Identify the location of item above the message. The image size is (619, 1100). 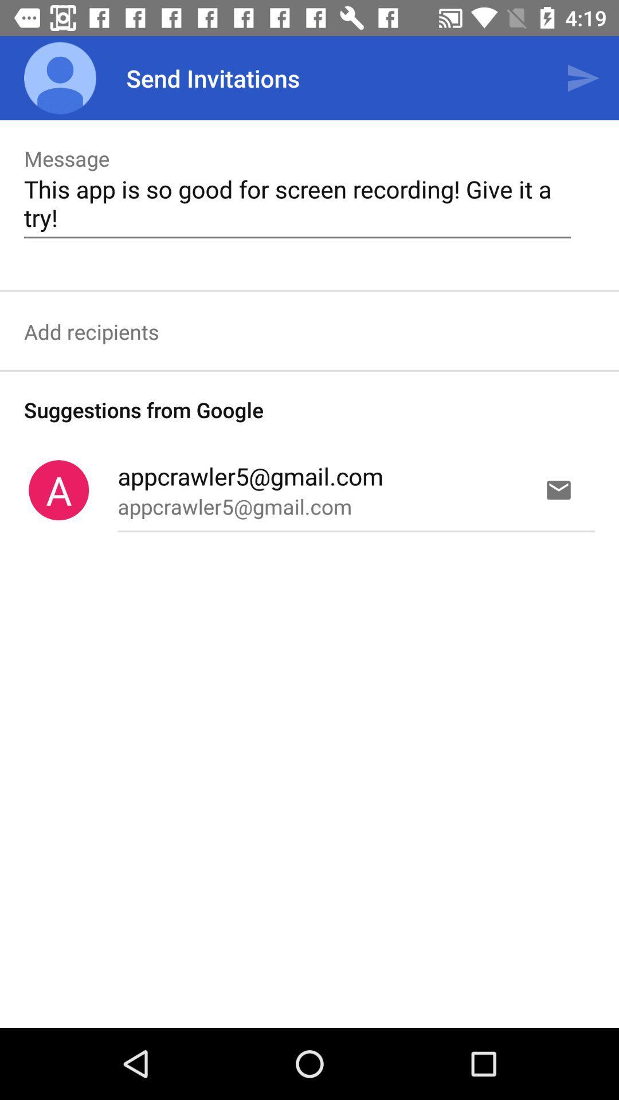
(60, 77).